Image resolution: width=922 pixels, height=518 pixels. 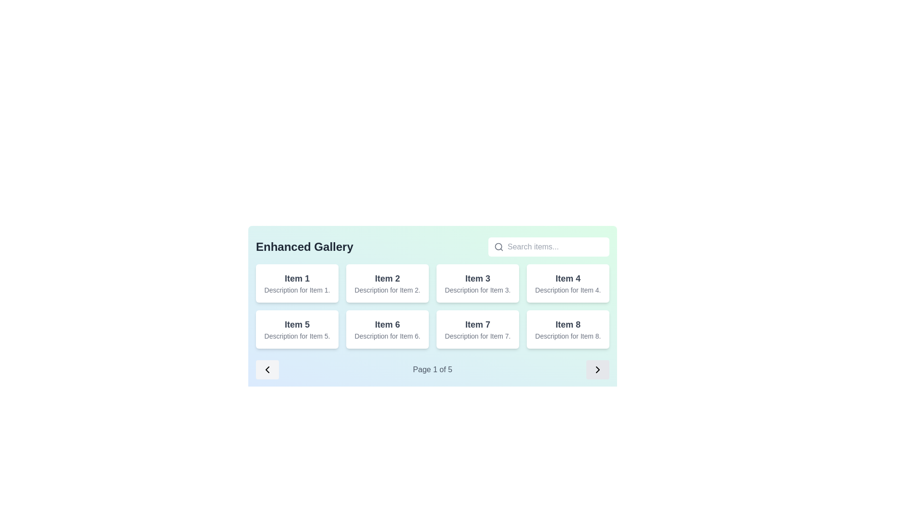 What do you see at coordinates (498, 247) in the screenshot?
I see `the search icon located in the top-right corner of the search bar` at bounding box center [498, 247].